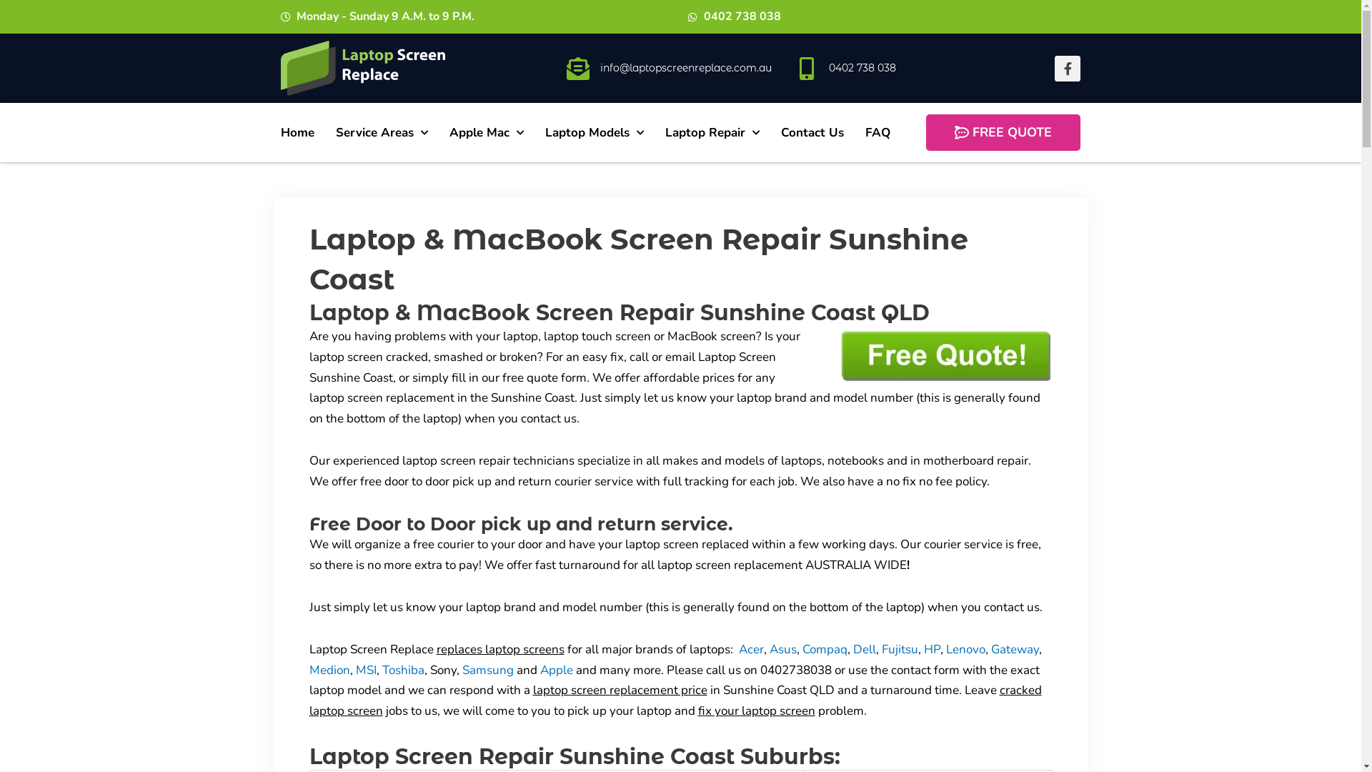 The width and height of the screenshot is (1372, 772). Describe the element at coordinates (328, 670) in the screenshot. I see `'Medion'` at that location.